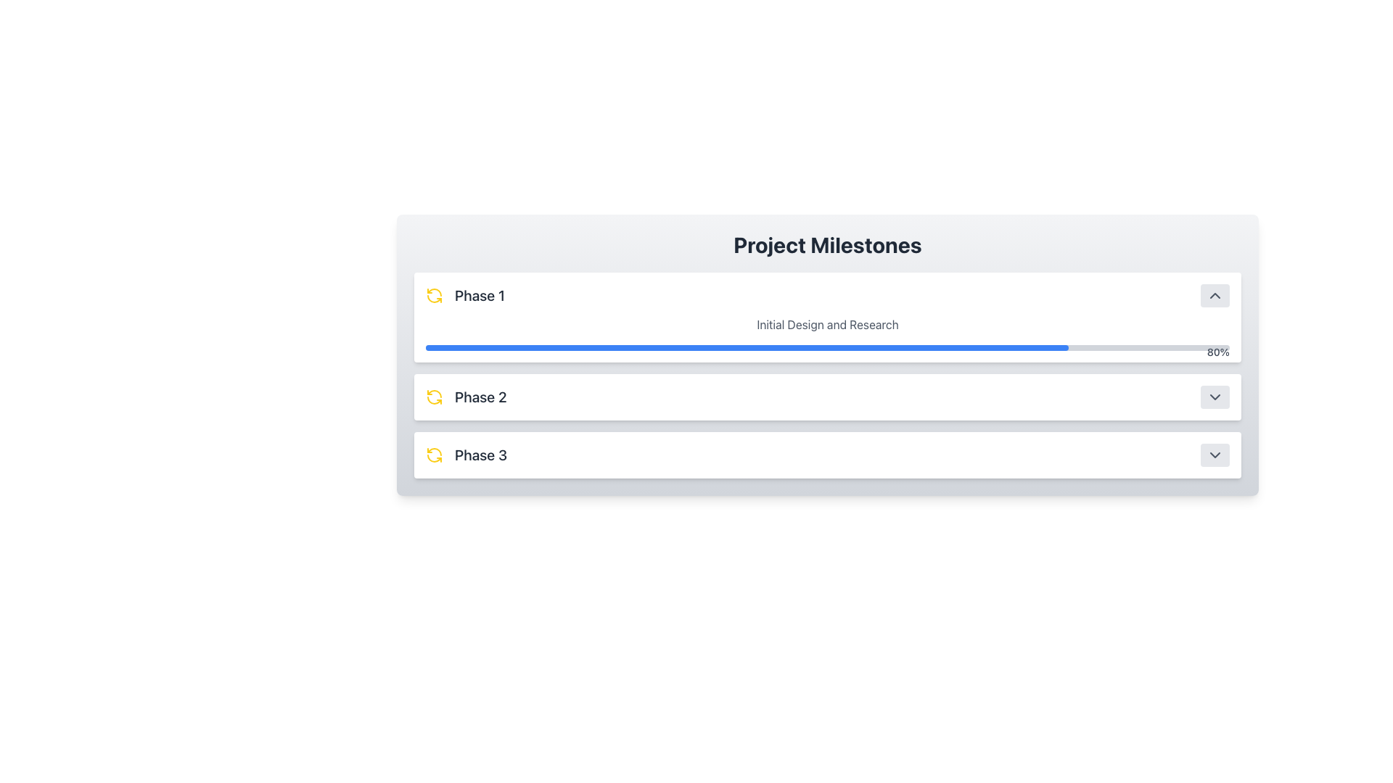 The height and width of the screenshot is (783, 1393). What do you see at coordinates (1215, 397) in the screenshot?
I see `the collapsible toggle button for the 'Phase 2' section to observe the styling change` at bounding box center [1215, 397].